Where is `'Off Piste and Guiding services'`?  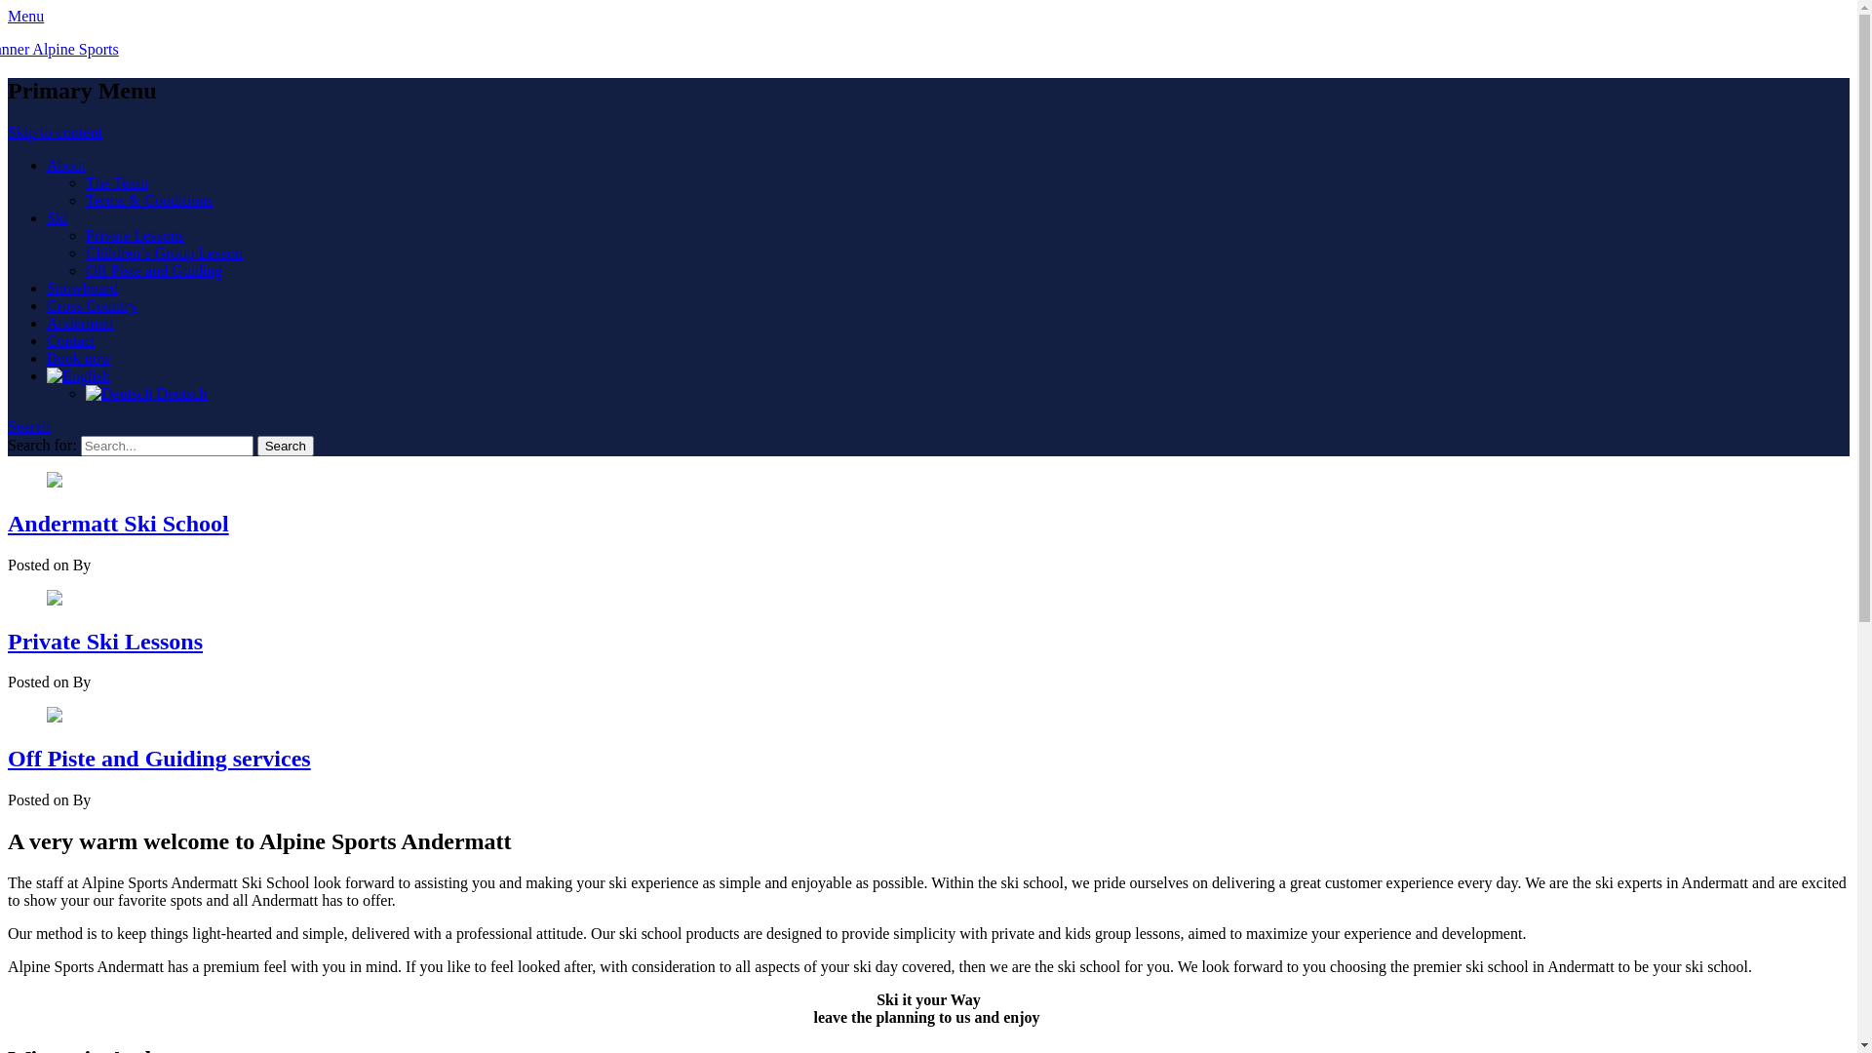 'Off Piste and Guiding services' is located at coordinates (159, 758).